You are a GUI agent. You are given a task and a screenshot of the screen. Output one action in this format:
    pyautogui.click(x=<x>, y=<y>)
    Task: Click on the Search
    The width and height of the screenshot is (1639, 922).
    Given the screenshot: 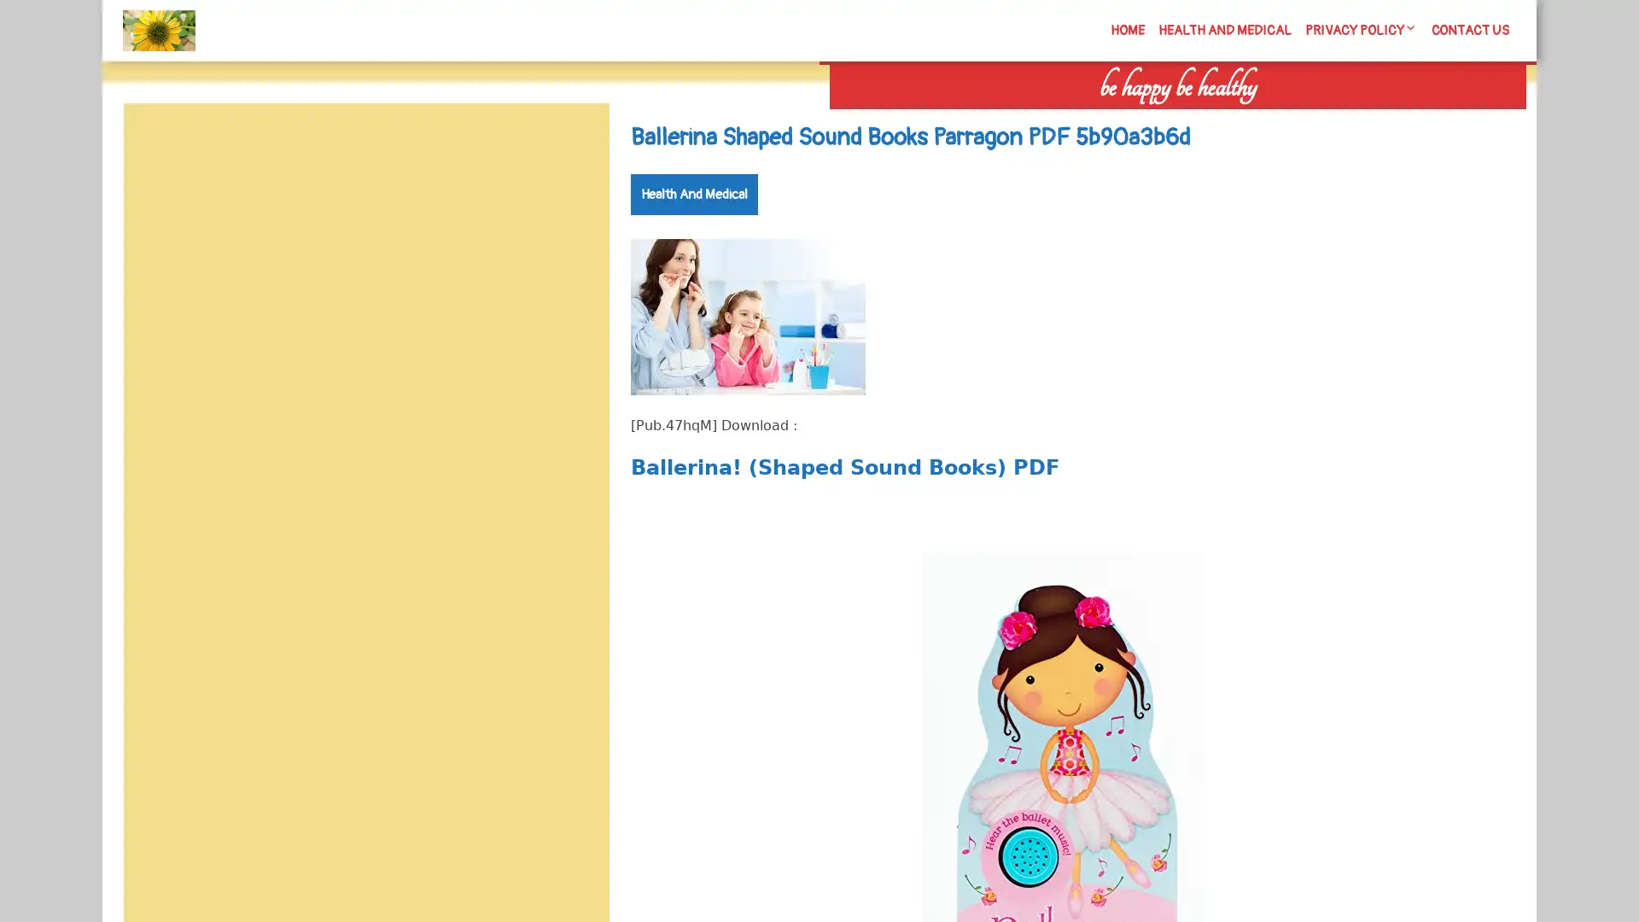 What is the action you would take?
    pyautogui.click(x=569, y=143)
    